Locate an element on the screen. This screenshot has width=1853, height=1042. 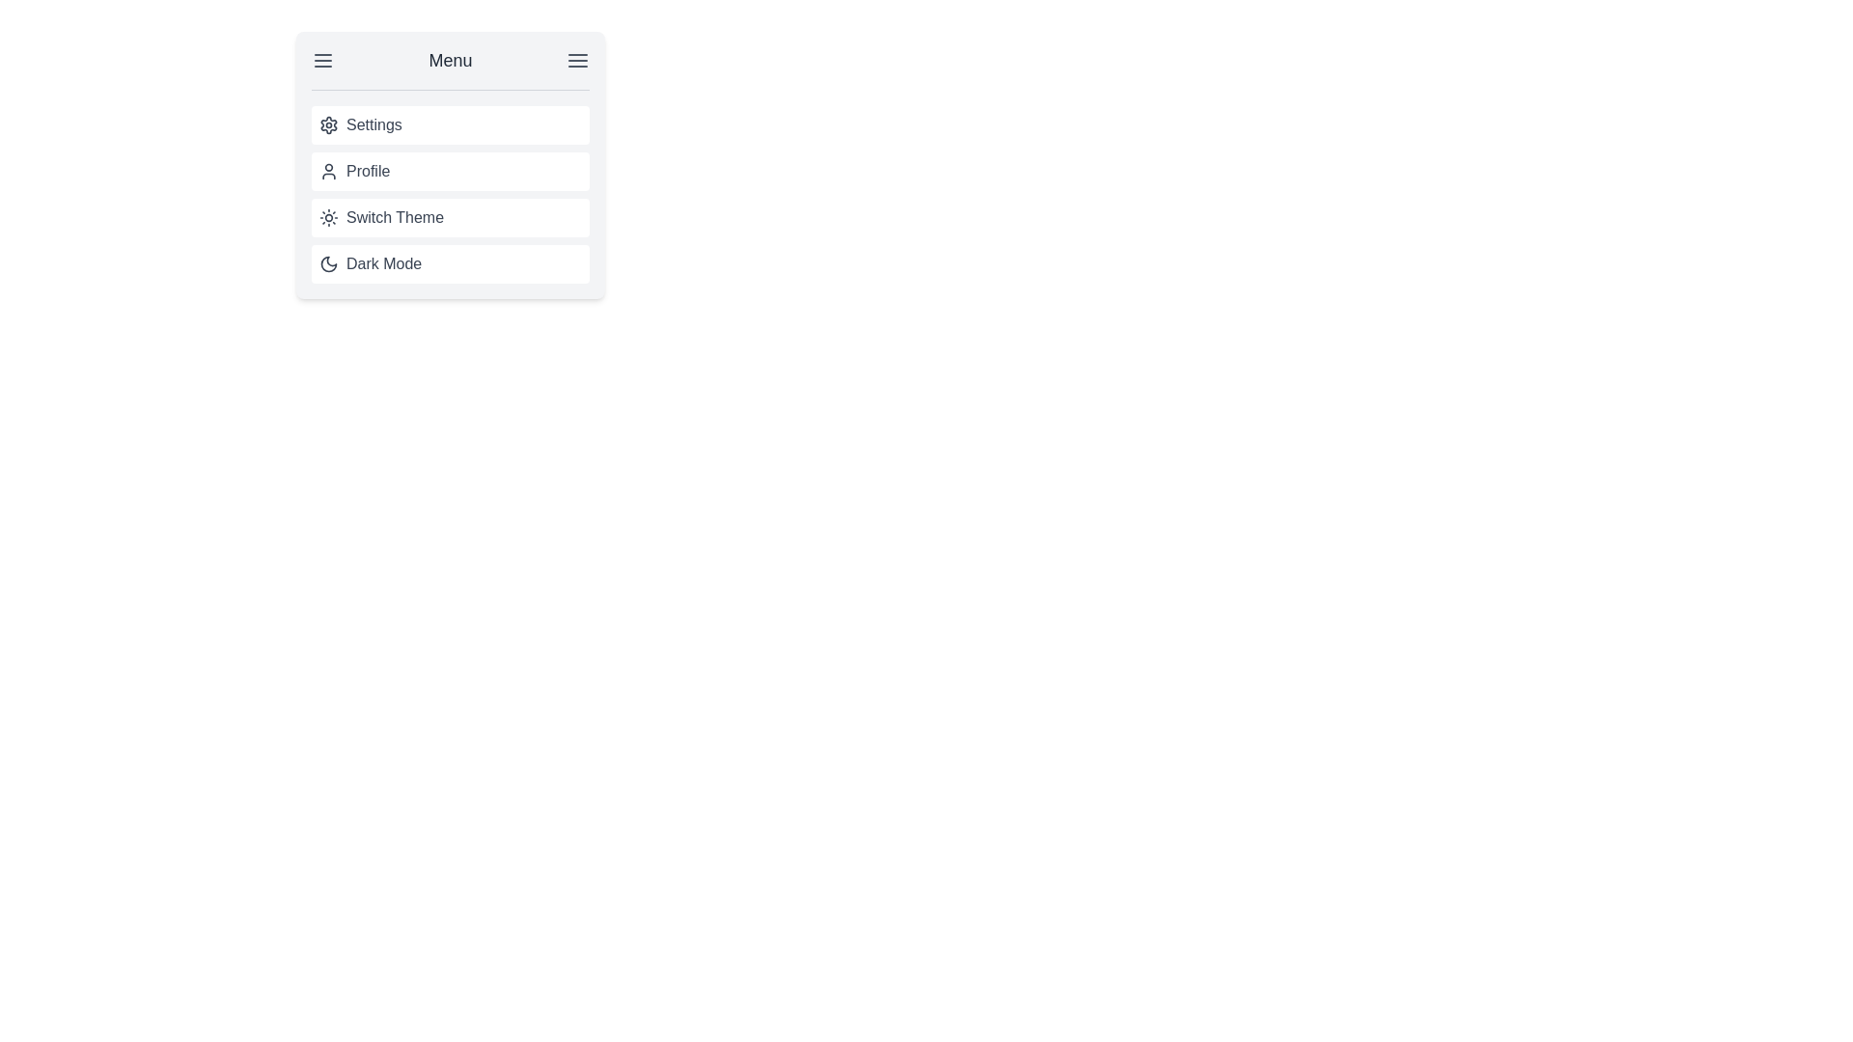
the user profile icon located is located at coordinates (328, 170).